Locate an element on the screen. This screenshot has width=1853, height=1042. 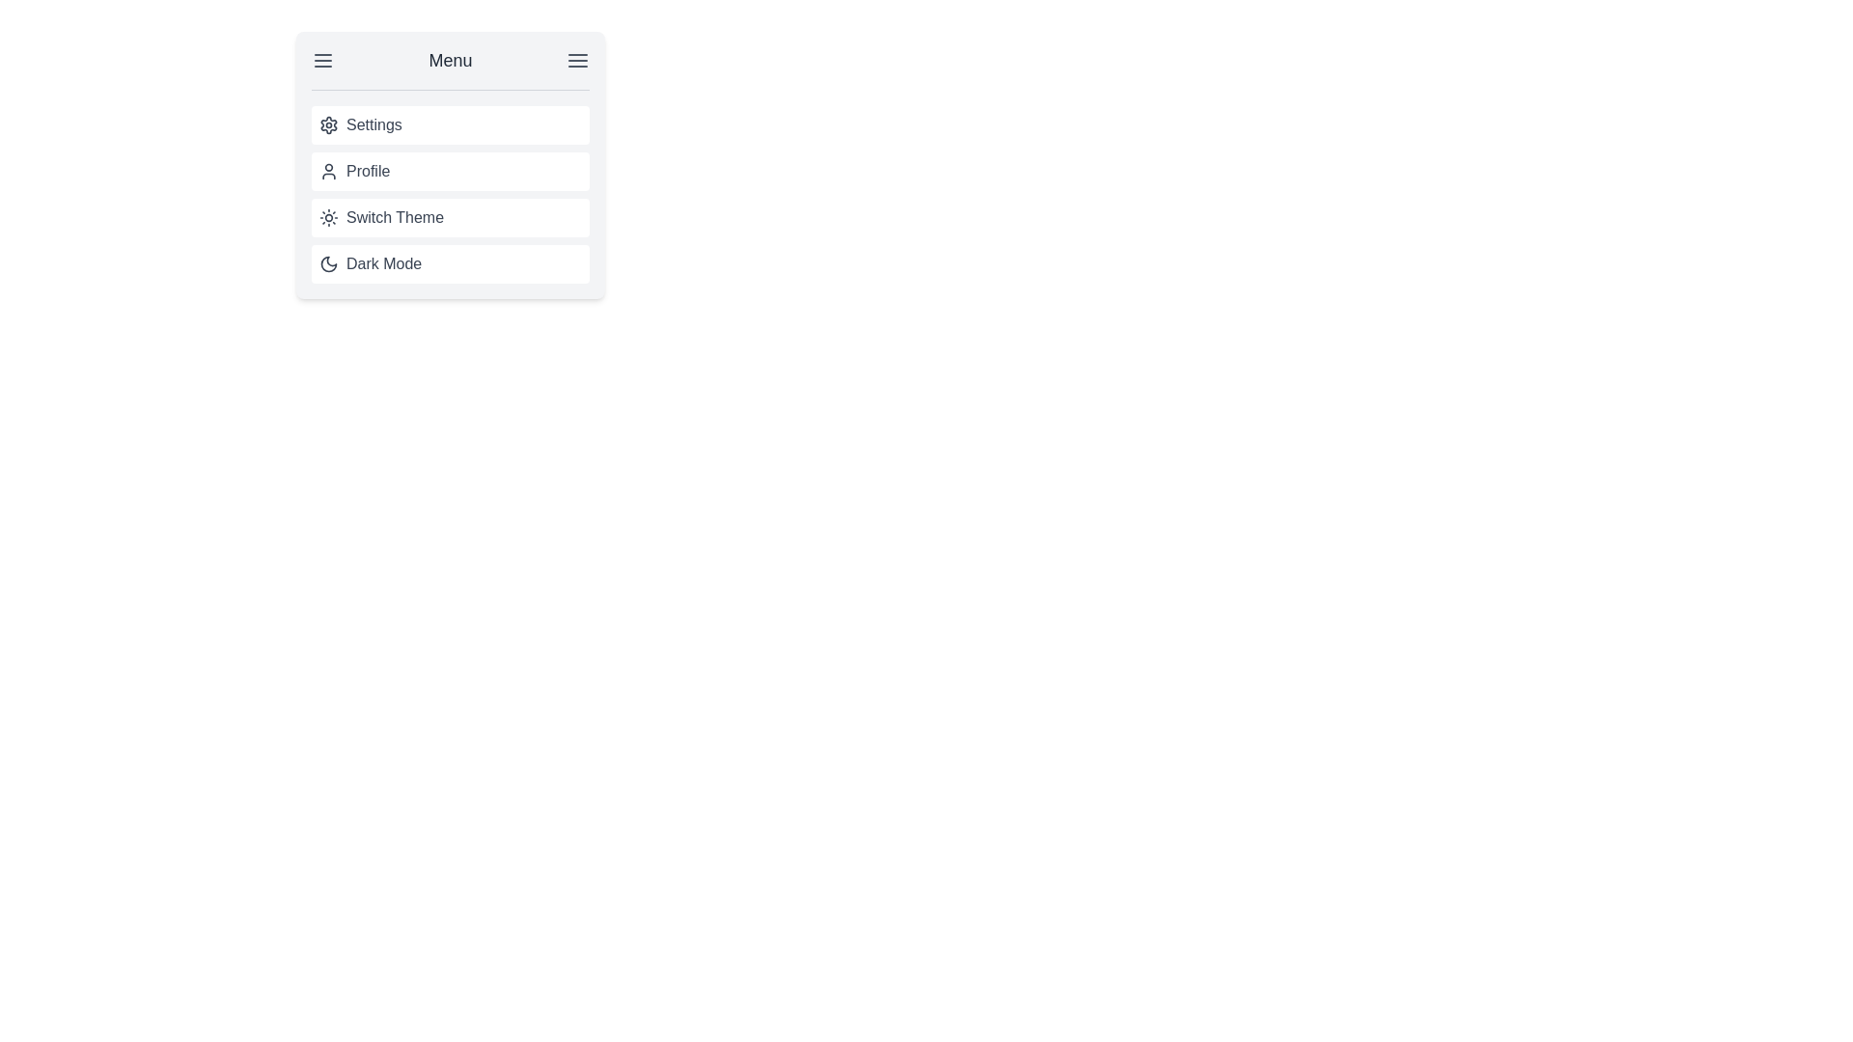
the user profile icon located is located at coordinates (328, 170).